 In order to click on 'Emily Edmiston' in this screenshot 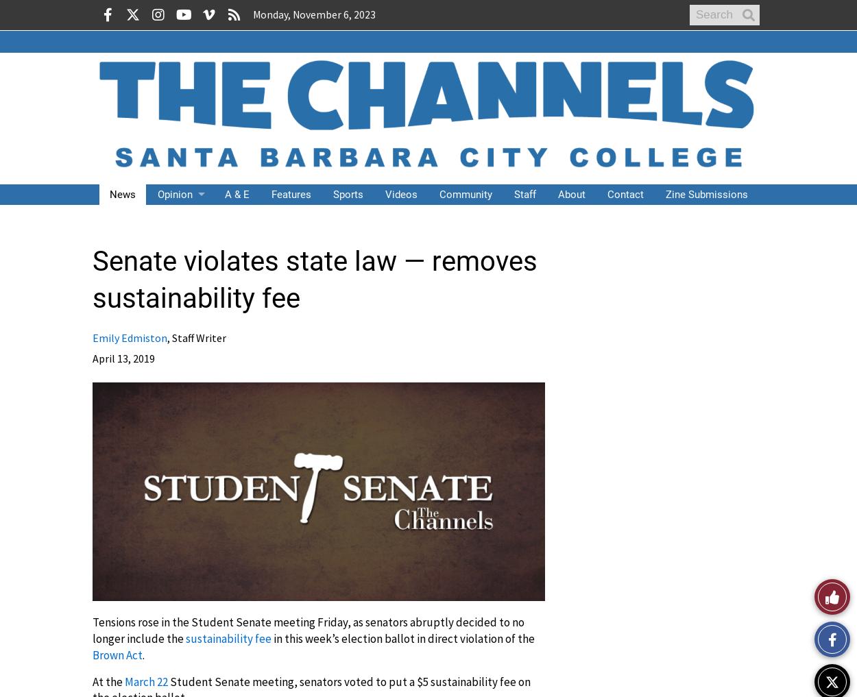, I will do `click(129, 337)`.